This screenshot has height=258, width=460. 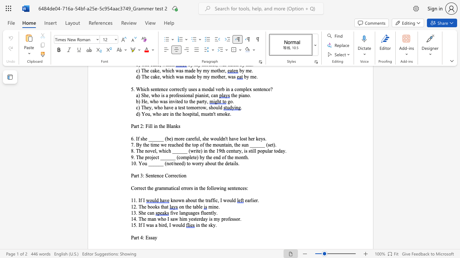 I want to click on the subset text "__ (complete) by the end of the m" within the text "9. The project ______ (complete) by the end of the month.", so click(x=170, y=157).